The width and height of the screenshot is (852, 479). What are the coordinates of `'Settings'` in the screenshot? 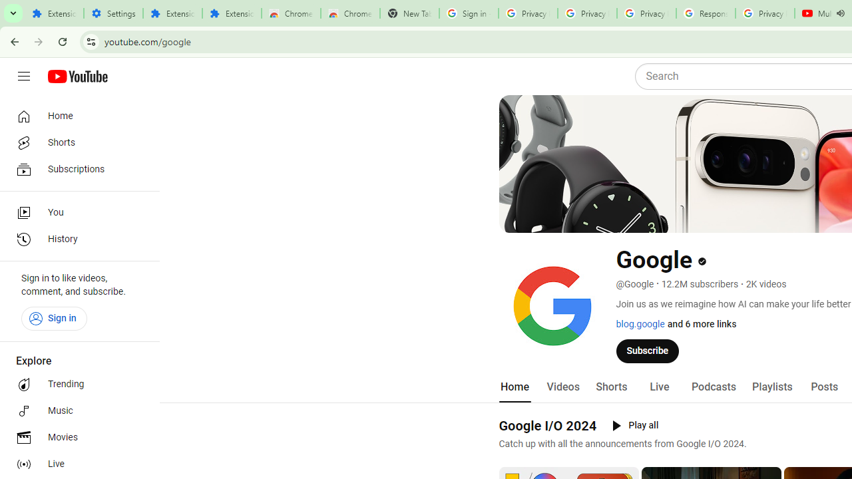 It's located at (113, 13).